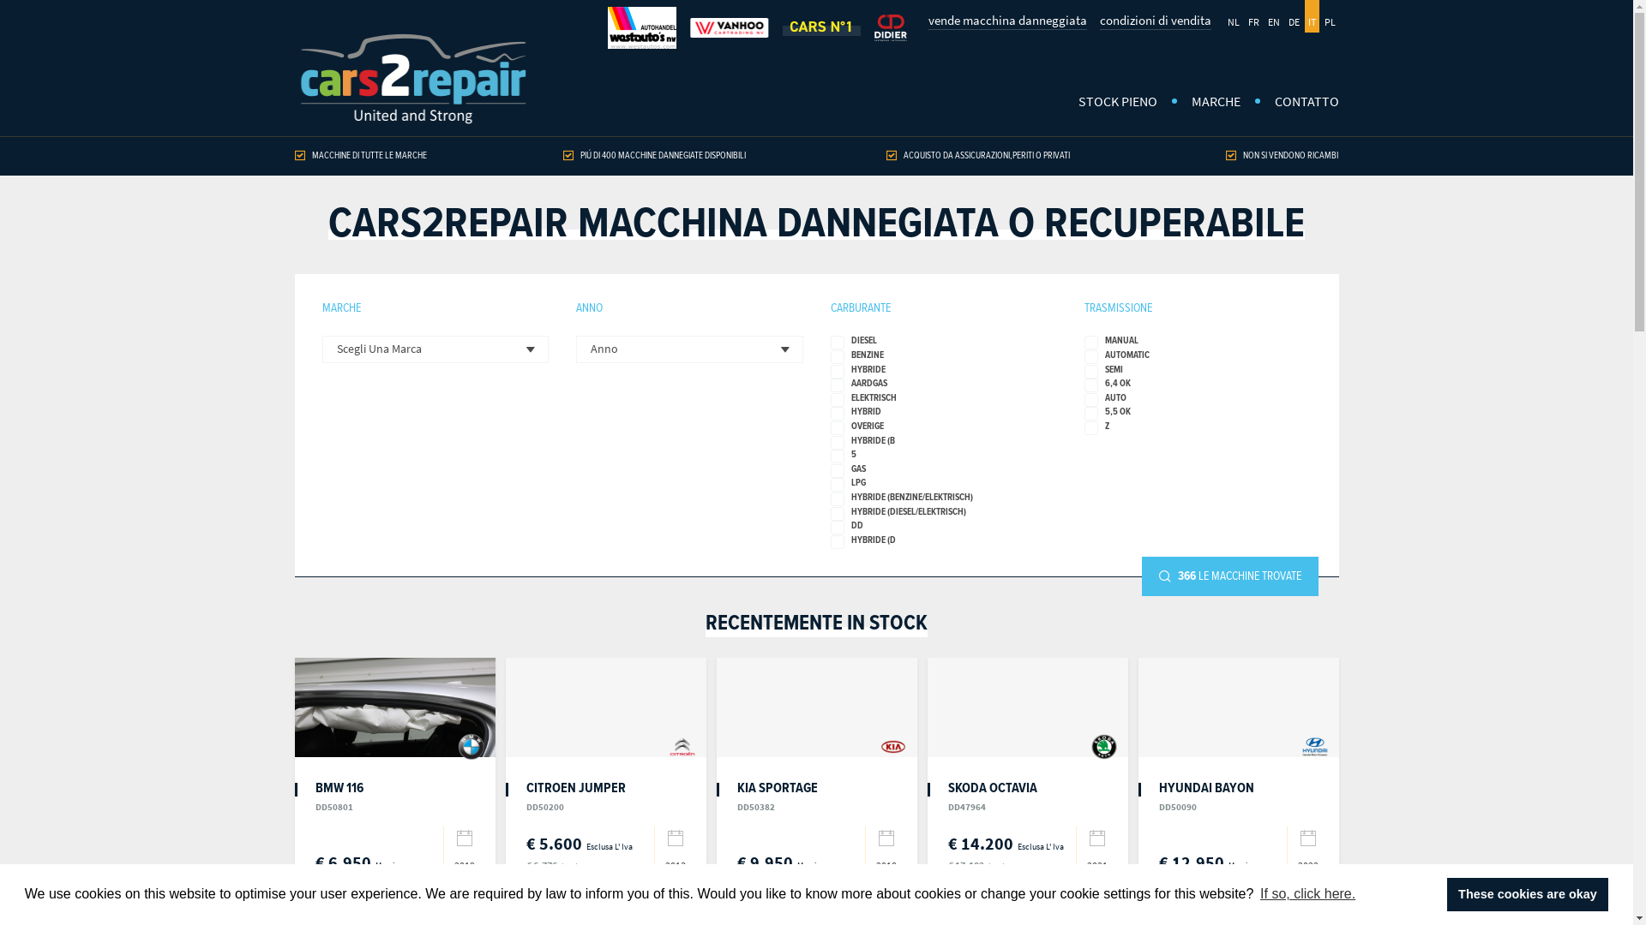  What do you see at coordinates (1215, 102) in the screenshot?
I see `'MARCHE'` at bounding box center [1215, 102].